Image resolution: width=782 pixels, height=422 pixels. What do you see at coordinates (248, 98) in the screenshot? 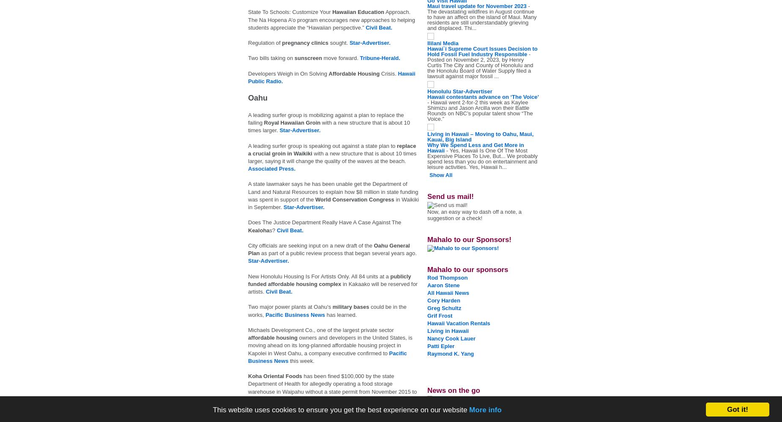
I see `'Oahu'` at bounding box center [248, 98].